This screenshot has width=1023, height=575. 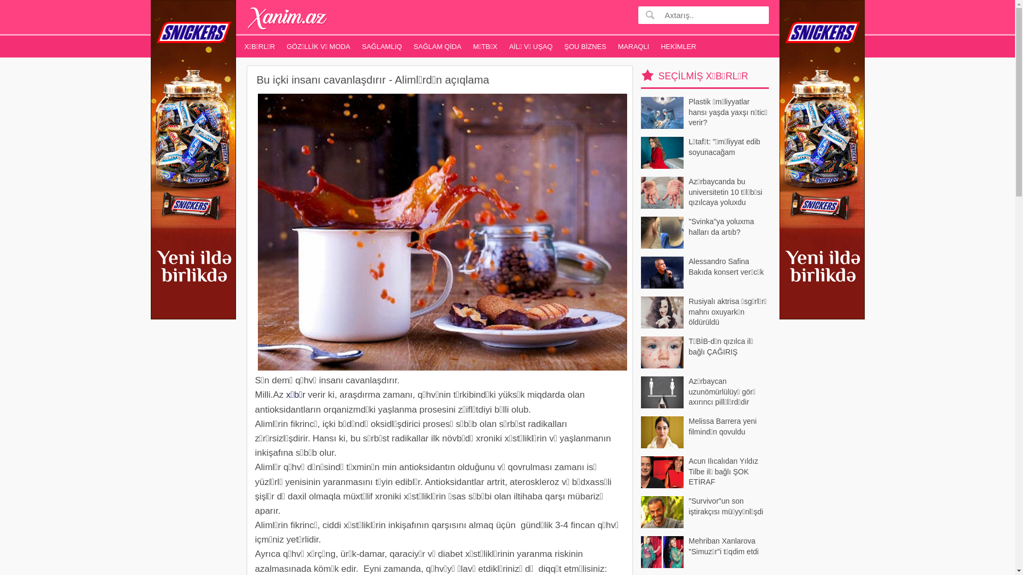 I want to click on 'MARAQLI', so click(x=634, y=46).